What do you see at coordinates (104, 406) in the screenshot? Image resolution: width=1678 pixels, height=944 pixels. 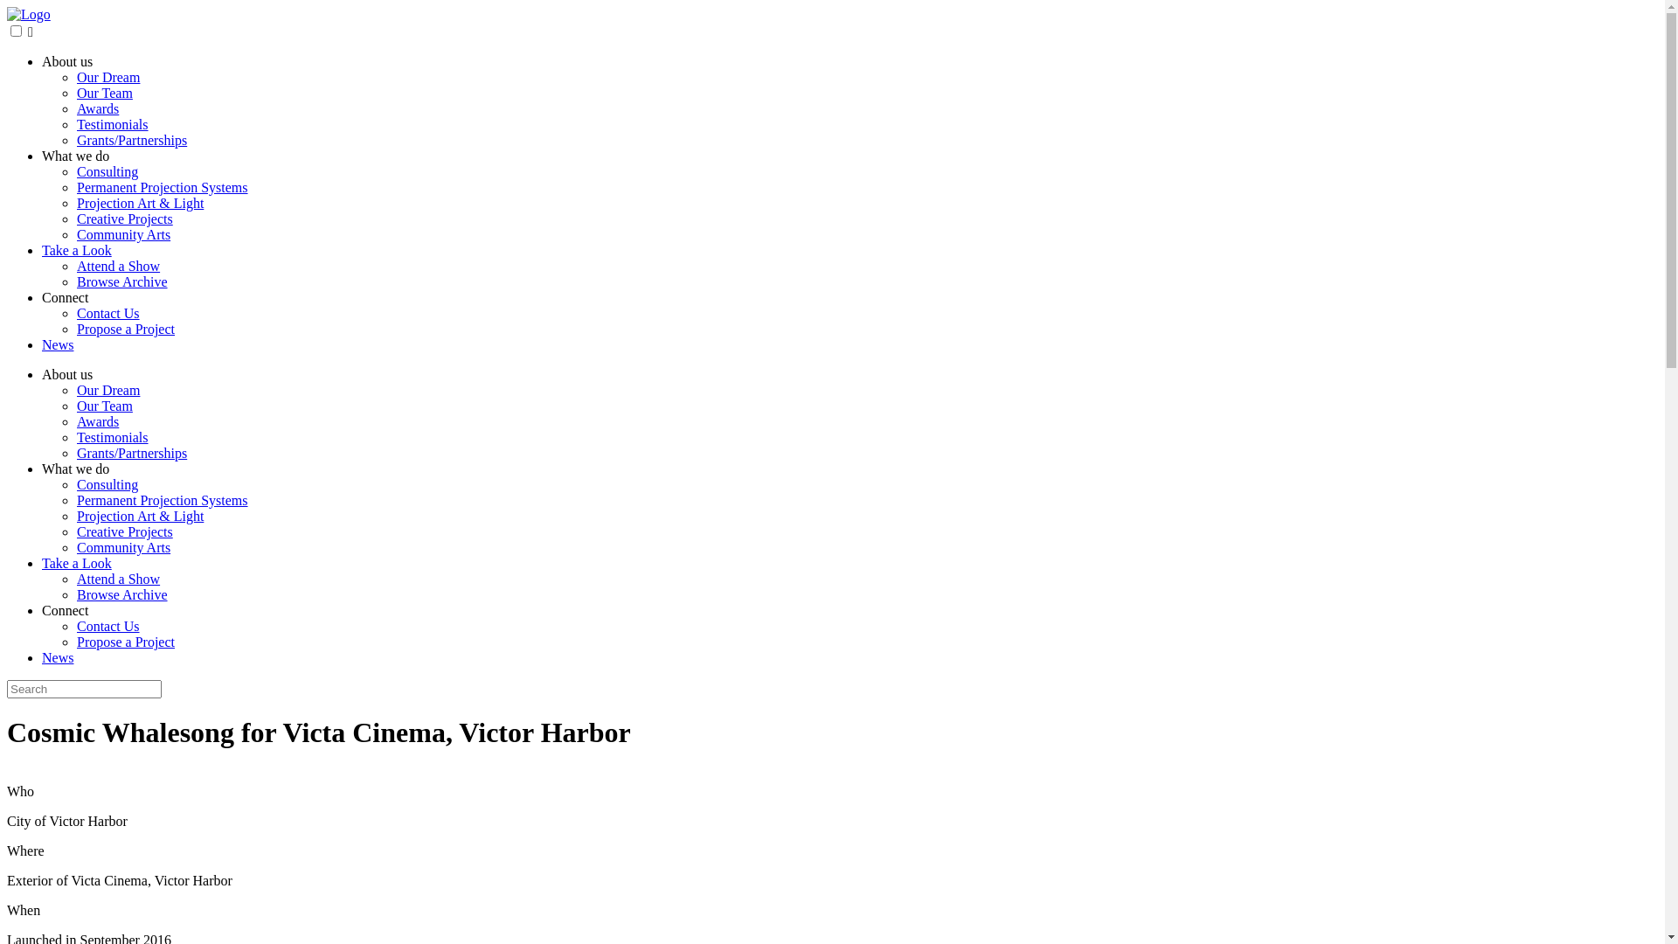 I see `'Our Team'` at bounding box center [104, 406].